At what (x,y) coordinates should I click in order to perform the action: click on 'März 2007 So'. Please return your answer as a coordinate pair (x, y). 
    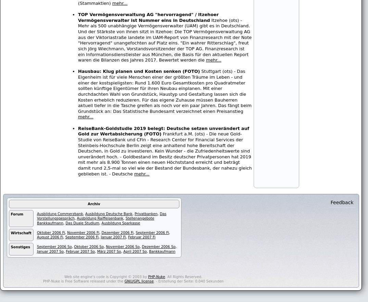
    Looking at the image, I should click on (108, 251).